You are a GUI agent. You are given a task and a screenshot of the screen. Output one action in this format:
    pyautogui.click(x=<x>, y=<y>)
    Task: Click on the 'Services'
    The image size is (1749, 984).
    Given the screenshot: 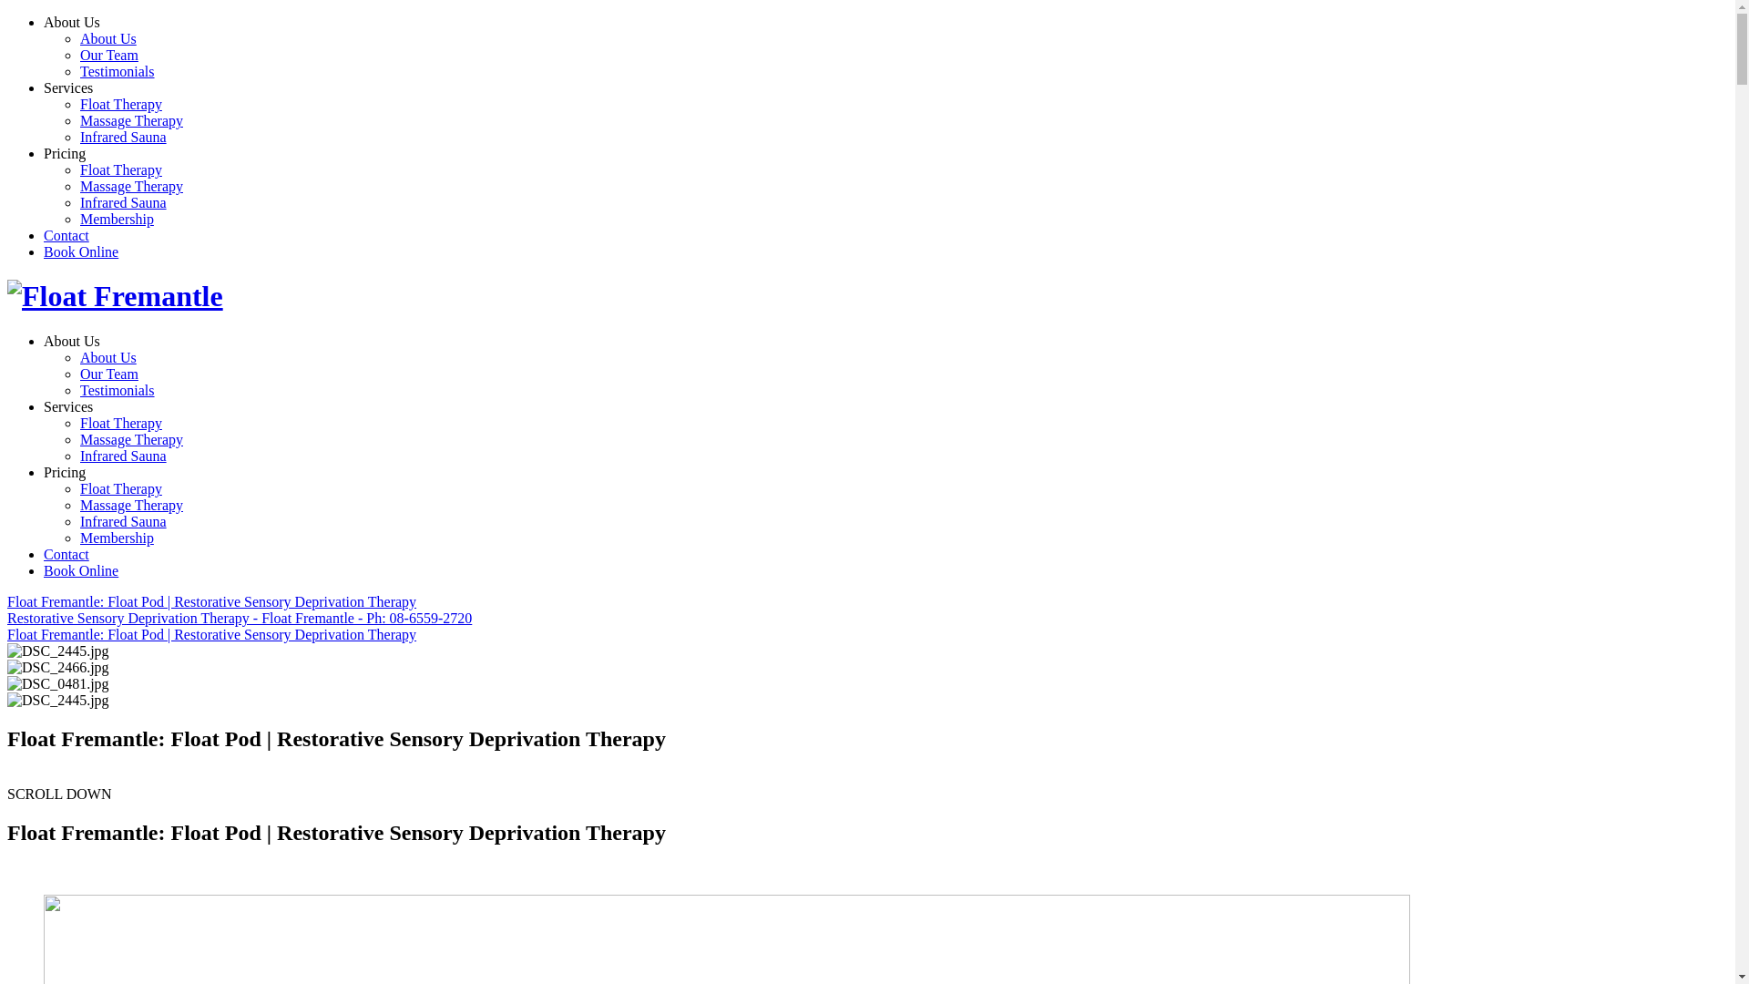 What is the action you would take?
    pyautogui.click(x=68, y=87)
    